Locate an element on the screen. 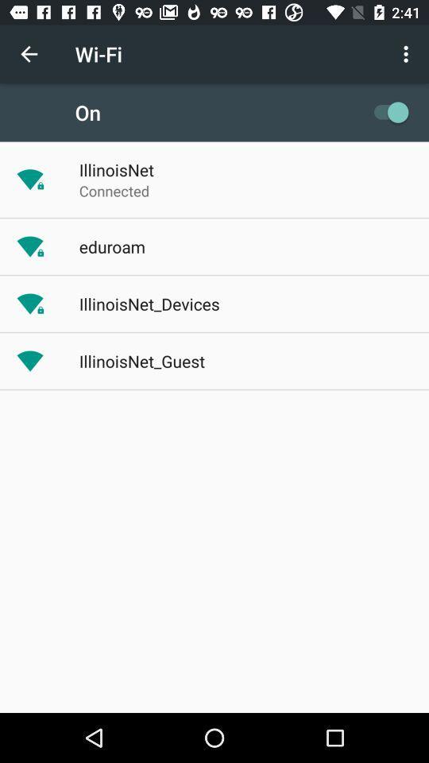 This screenshot has width=429, height=763. the item to the right of on app is located at coordinates (386, 111).